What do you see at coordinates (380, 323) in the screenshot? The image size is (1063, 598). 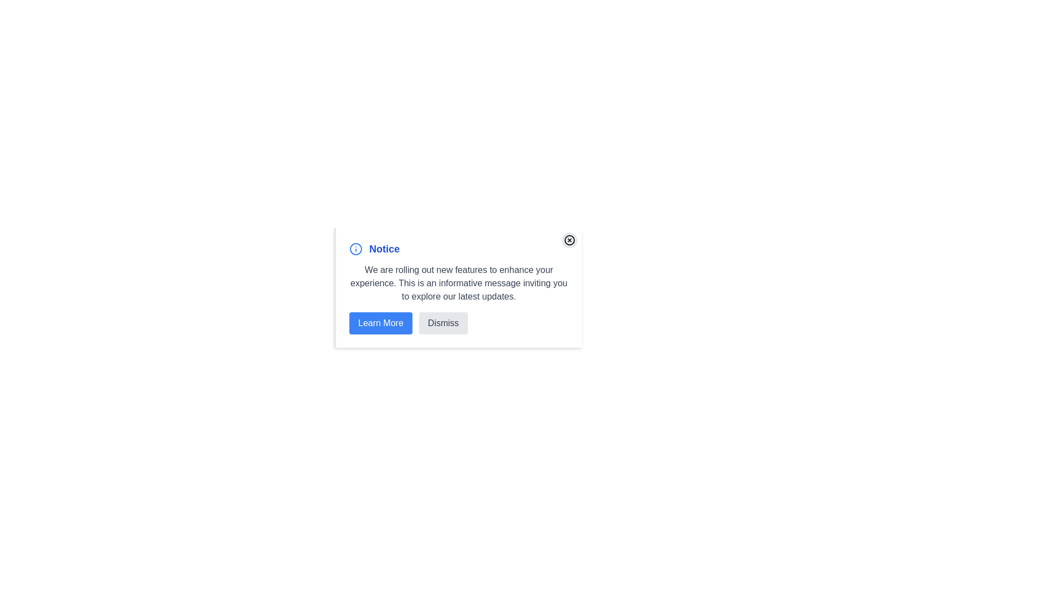 I see `the 'Learn More' button to proceed to the next step or view more details` at bounding box center [380, 323].